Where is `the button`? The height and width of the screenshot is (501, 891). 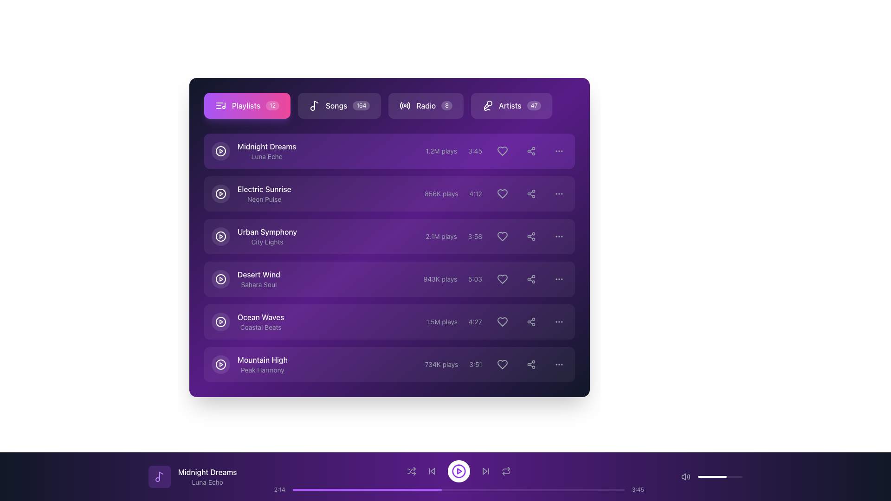 the button is located at coordinates (502, 321).